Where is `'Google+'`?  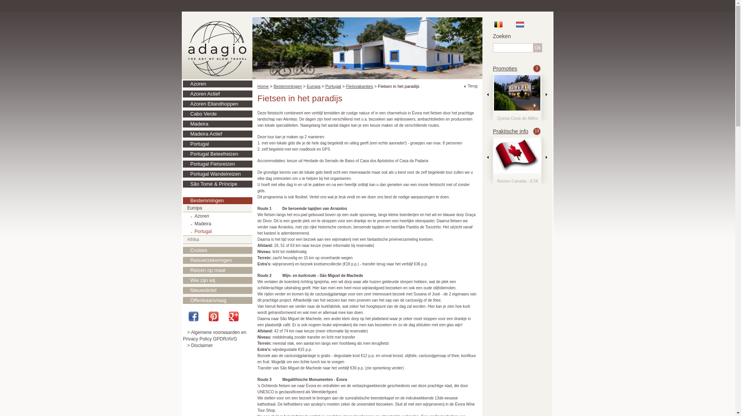
'Google+' is located at coordinates (237, 316).